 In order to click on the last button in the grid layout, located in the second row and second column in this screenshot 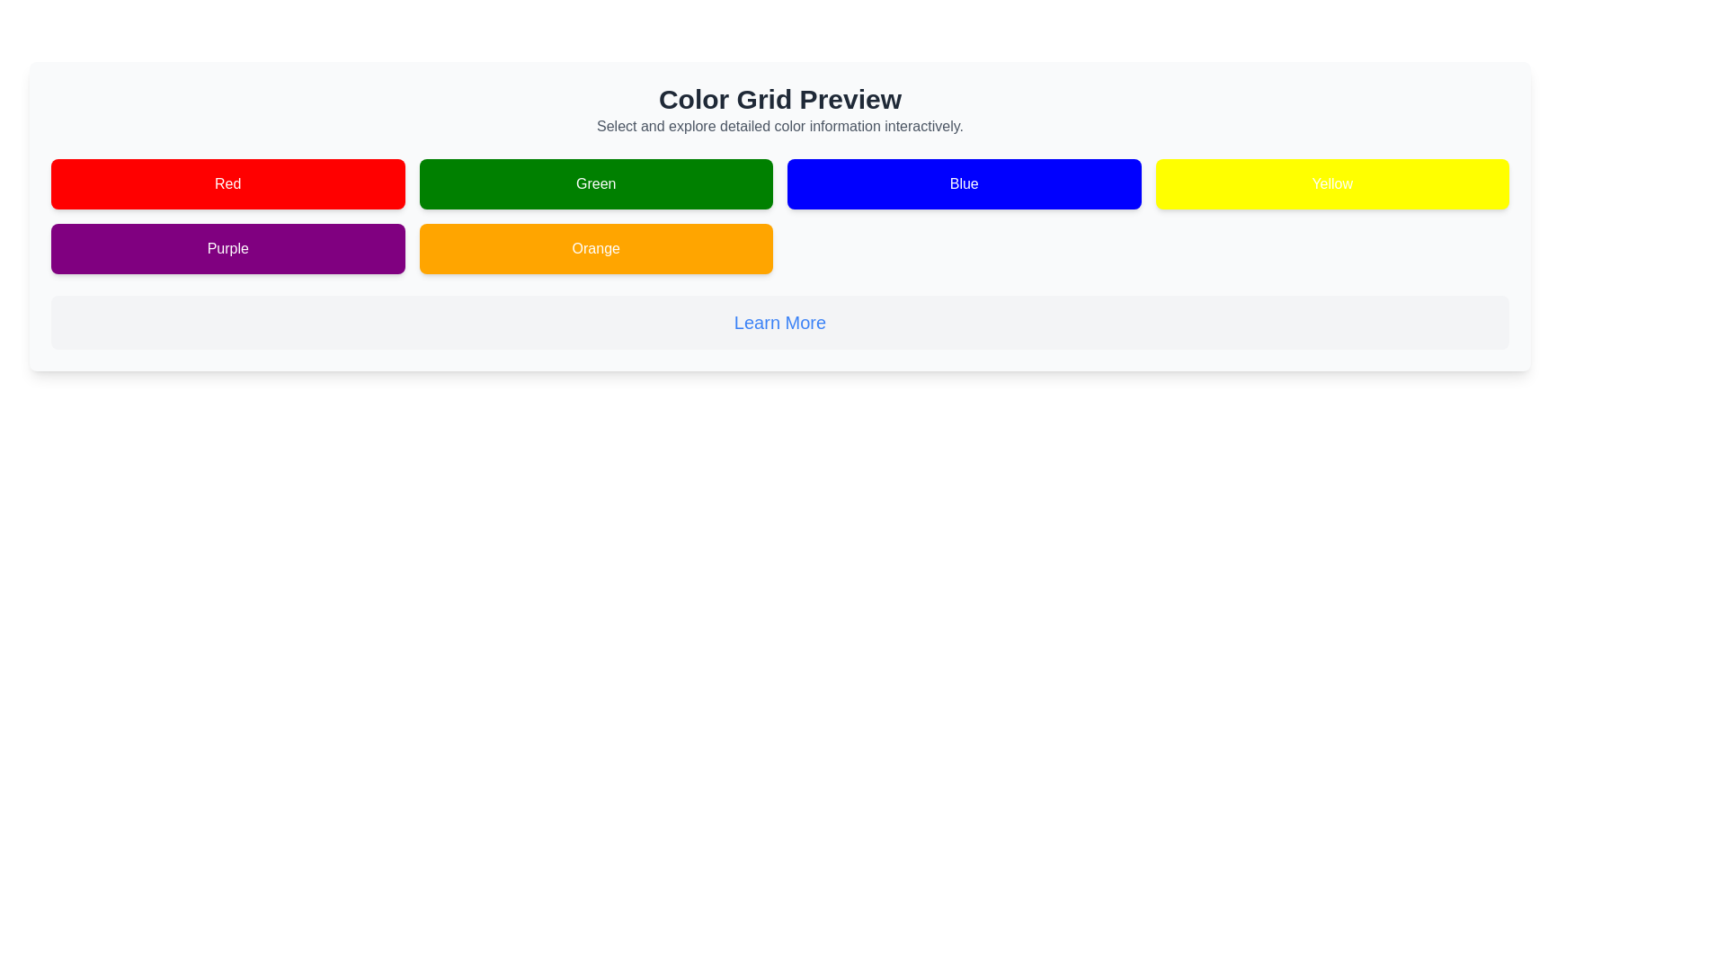, I will do `click(596, 249)`.